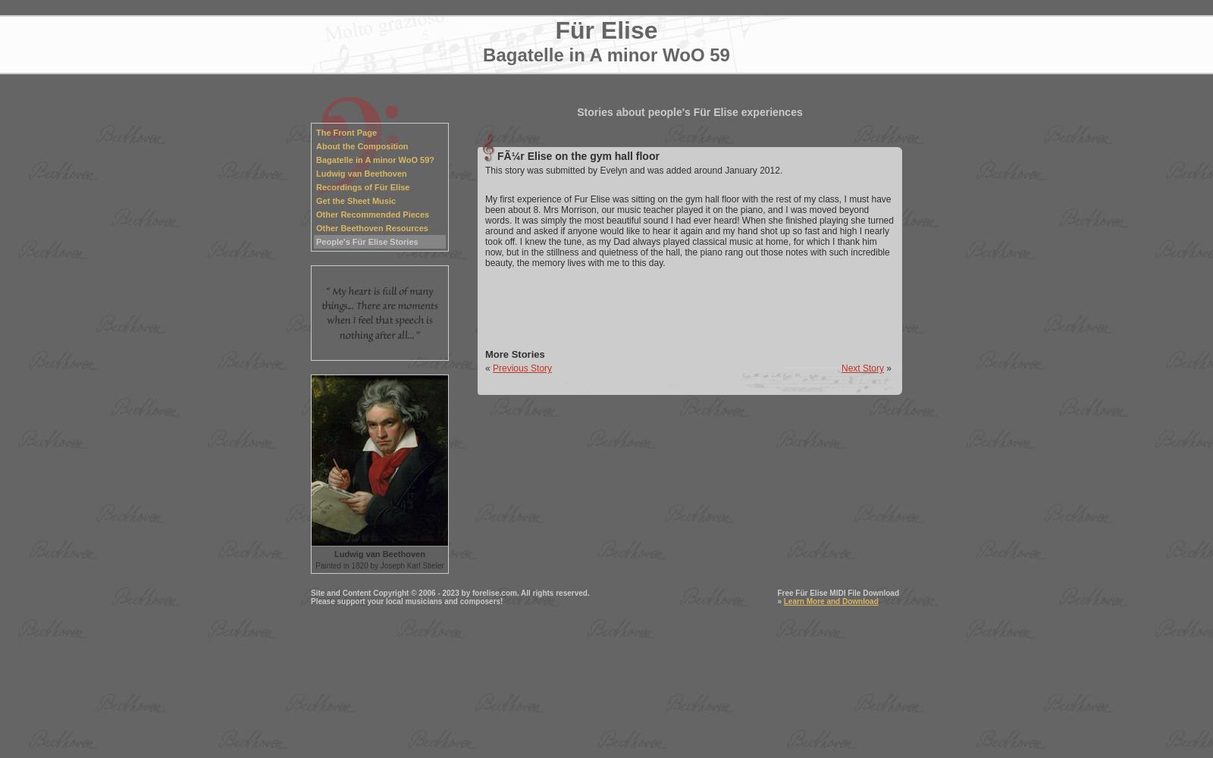 This screenshot has height=758, width=1213. Describe the element at coordinates (578, 155) in the screenshot. I see `'FÃ¼r Elise on the gym hall floor'` at that location.